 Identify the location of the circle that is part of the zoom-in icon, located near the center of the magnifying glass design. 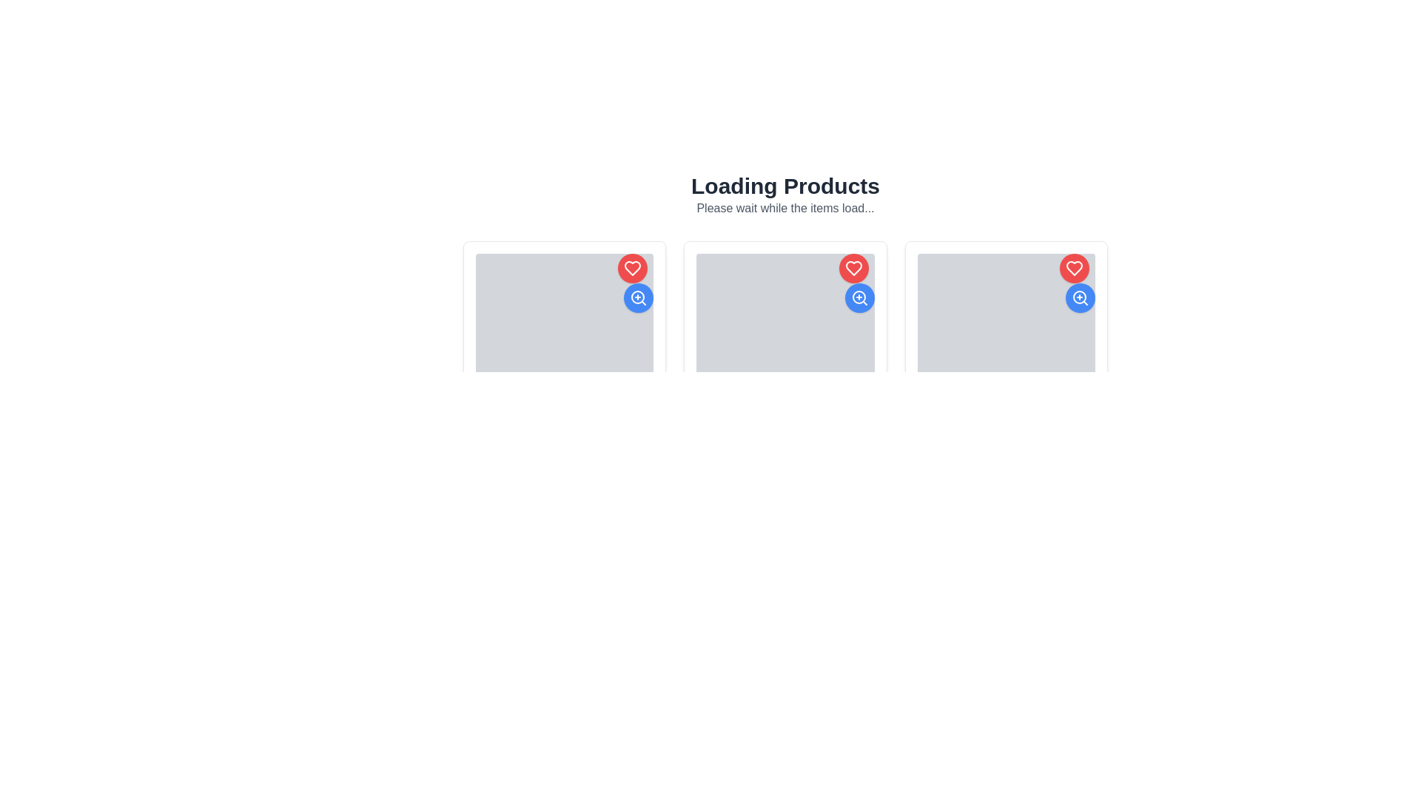
(1080, 297).